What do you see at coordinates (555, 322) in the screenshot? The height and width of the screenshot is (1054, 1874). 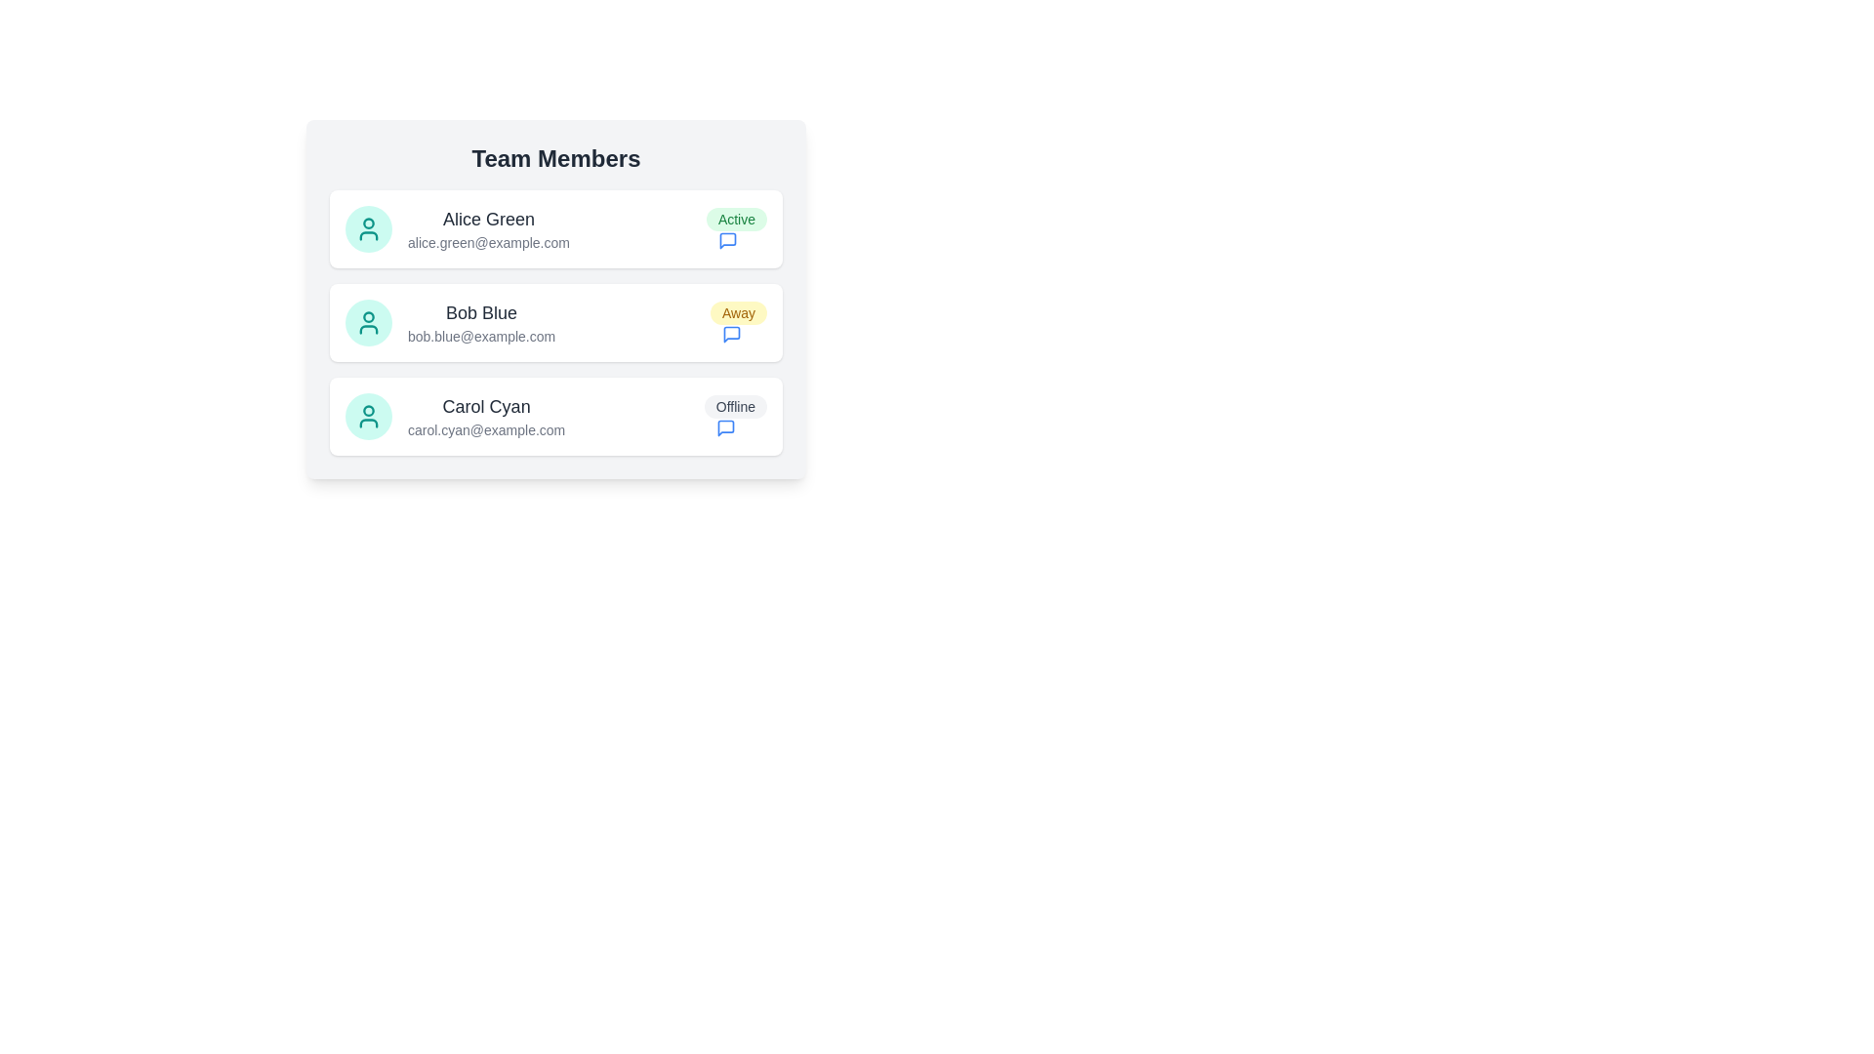 I see `the user profile list item for 'Bob Blue', which is the second item` at bounding box center [555, 322].